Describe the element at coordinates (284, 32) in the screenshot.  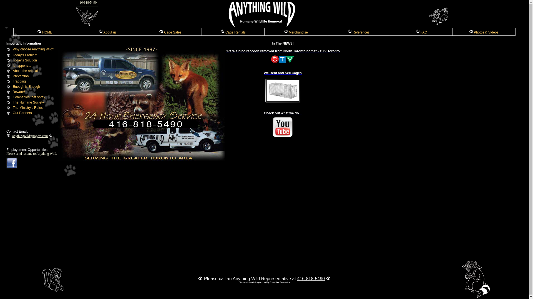
I see `'Merchandise'` at that location.